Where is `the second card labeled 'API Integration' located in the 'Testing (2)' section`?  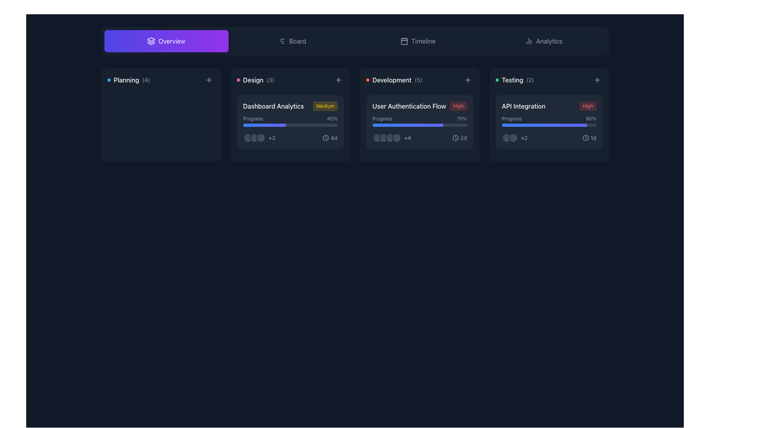
the second card labeled 'API Integration' located in the 'Testing (2)' section is located at coordinates (548, 122).